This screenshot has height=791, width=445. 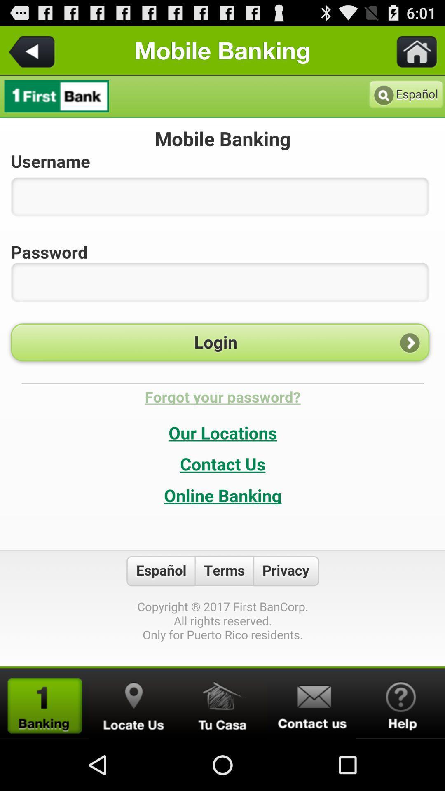 I want to click on back, so click(x=33, y=50).